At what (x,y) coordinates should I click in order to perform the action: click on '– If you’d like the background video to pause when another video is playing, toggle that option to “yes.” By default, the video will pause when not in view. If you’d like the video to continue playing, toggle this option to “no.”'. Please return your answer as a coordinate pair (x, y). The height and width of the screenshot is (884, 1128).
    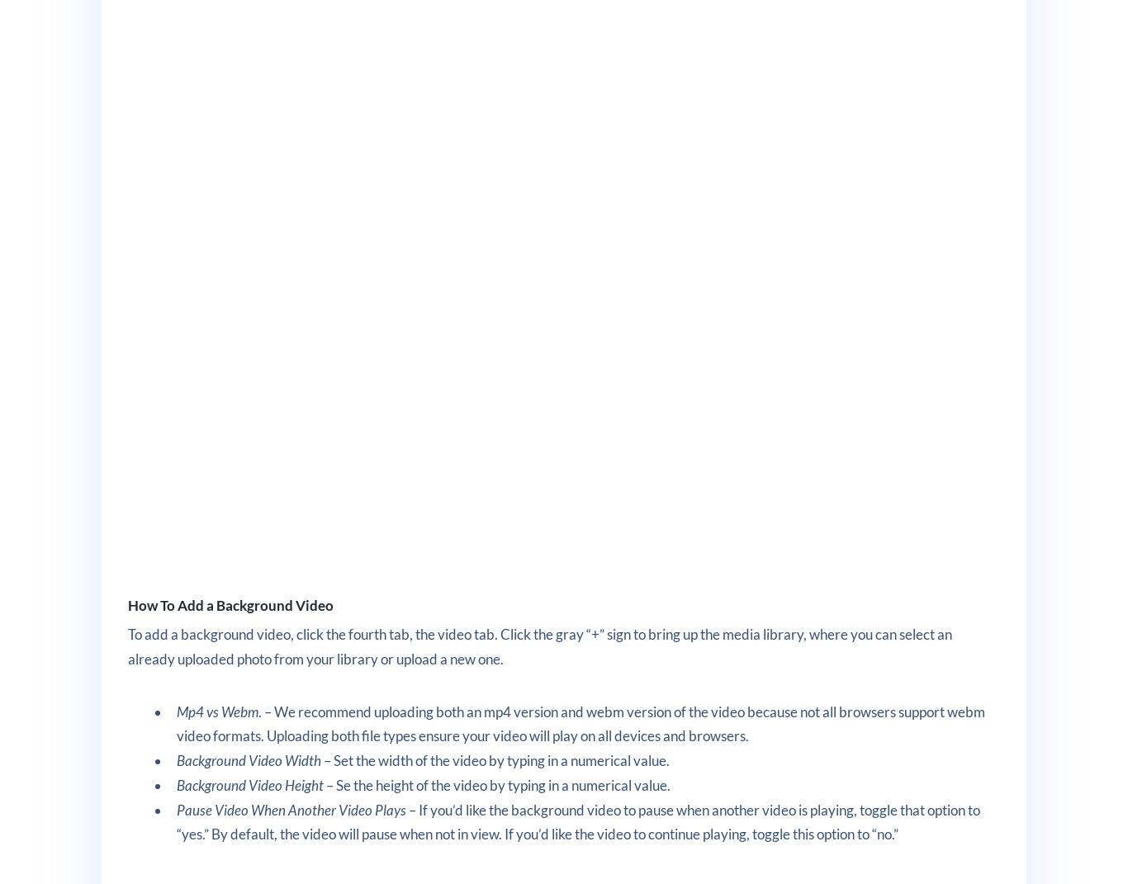
    Looking at the image, I should click on (176, 820).